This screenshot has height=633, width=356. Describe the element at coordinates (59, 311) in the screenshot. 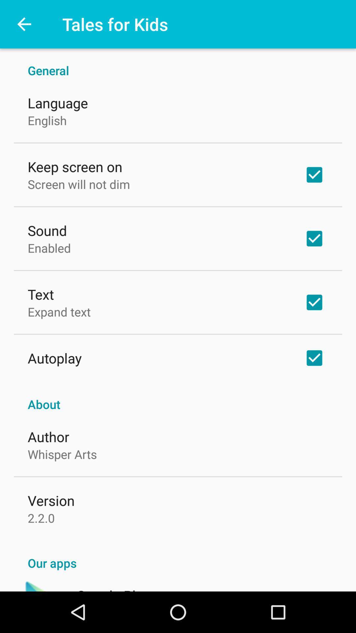

I see `the icon above the autoplay` at that location.